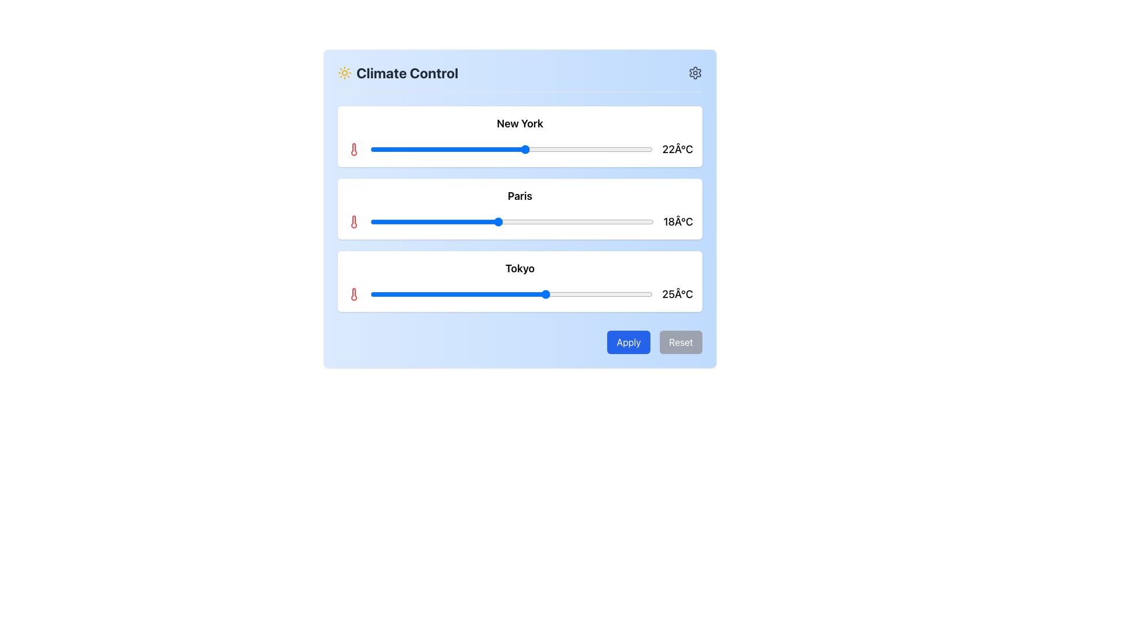 The height and width of the screenshot is (631, 1122). I want to click on the temperature for Paris, so click(385, 222).